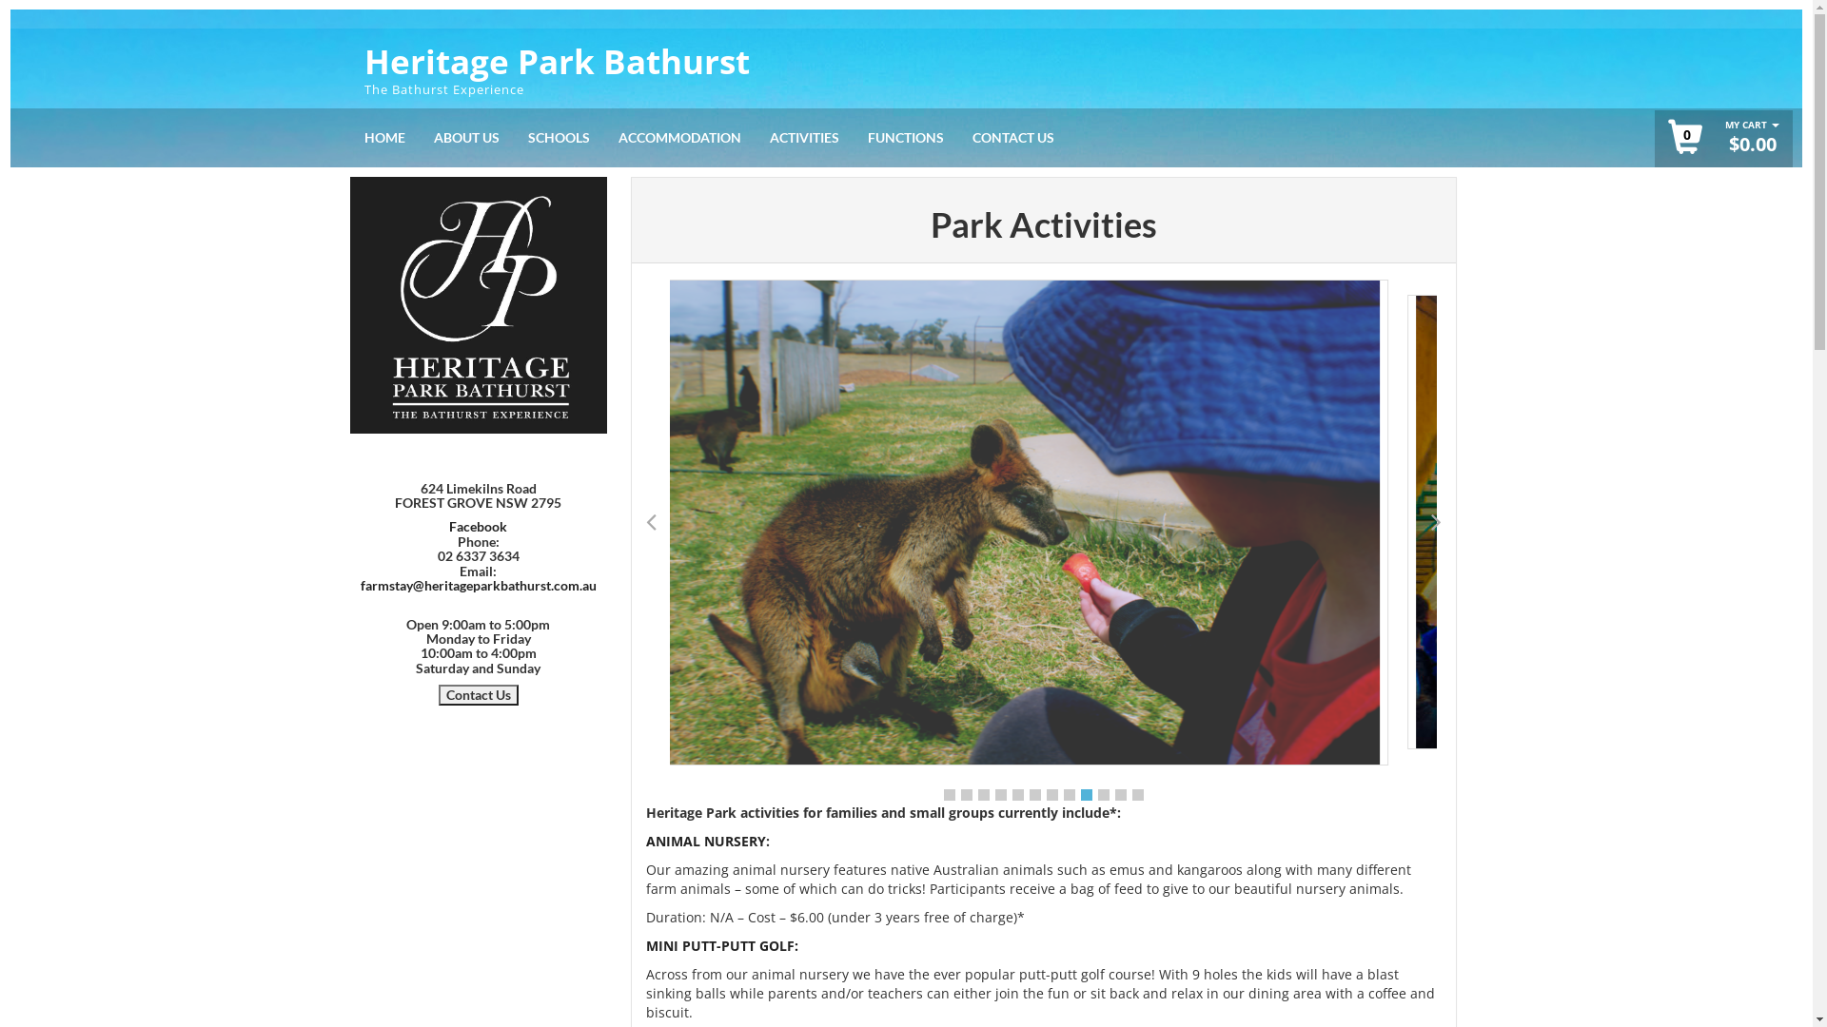 The height and width of the screenshot is (1027, 1827). Describe the element at coordinates (967, 795) in the screenshot. I see `'2'` at that location.